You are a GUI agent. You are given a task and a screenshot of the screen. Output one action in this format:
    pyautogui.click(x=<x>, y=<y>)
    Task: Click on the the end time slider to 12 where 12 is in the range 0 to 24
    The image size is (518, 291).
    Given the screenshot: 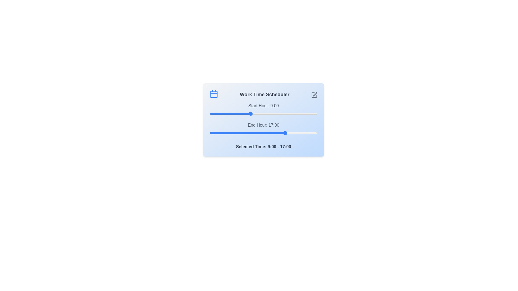 What is the action you would take?
    pyautogui.click(x=264, y=133)
    